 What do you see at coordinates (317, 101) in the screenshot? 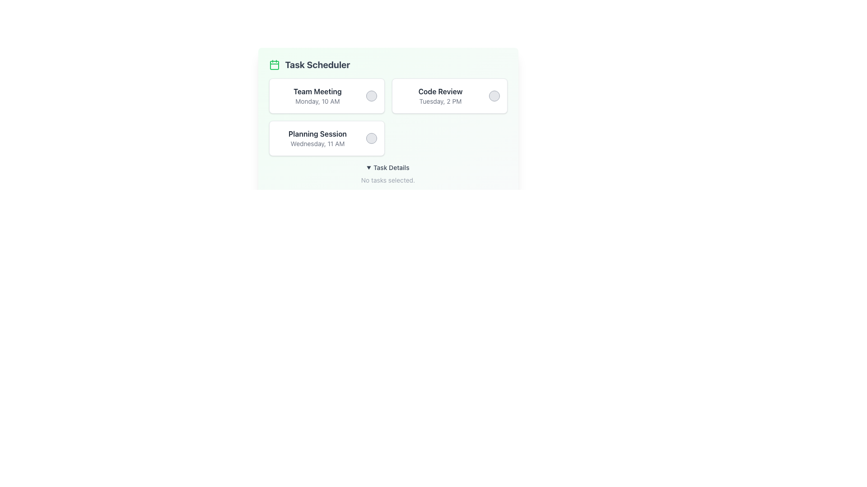
I see `the Text Label displaying 'Monday, 10 AM', which is positioned beneath the bold heading 'Team Meeting'` at bounding box center [317, 101].